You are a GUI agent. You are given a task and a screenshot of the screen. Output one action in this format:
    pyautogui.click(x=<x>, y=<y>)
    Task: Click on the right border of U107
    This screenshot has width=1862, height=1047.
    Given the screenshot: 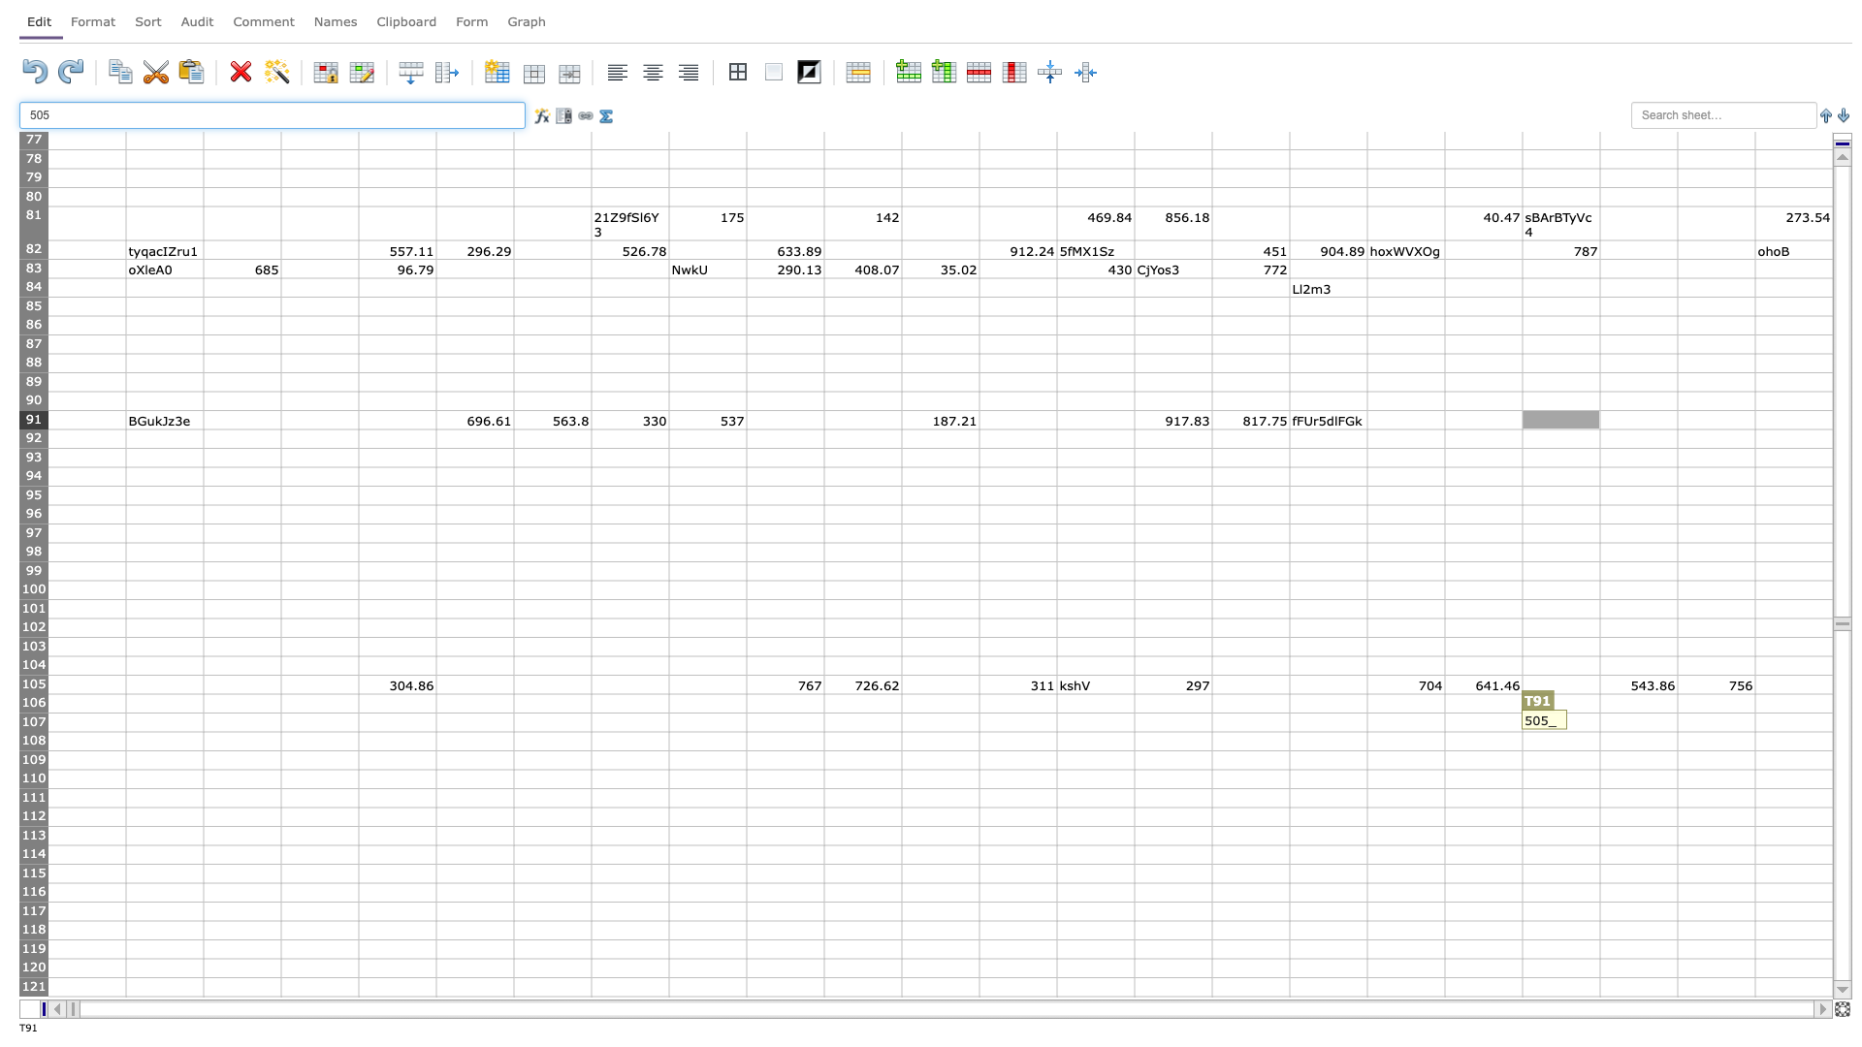 What is the action you would take?
    pyautogui.click(x=1676, y=722)
    